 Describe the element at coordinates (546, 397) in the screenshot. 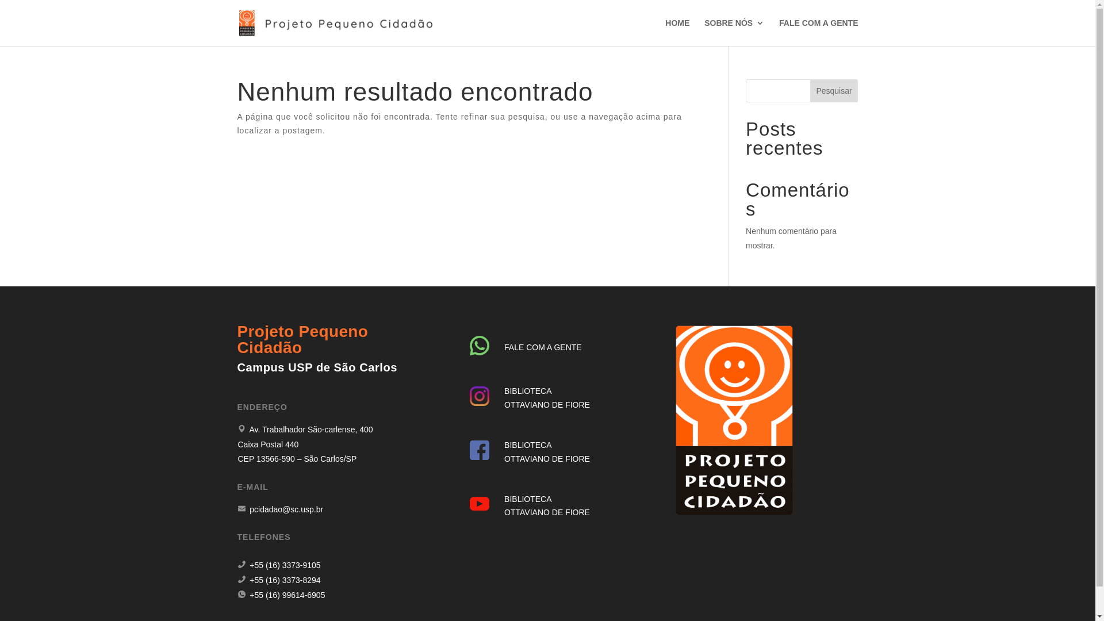

I see `'BIBLIOTECA` at that location.